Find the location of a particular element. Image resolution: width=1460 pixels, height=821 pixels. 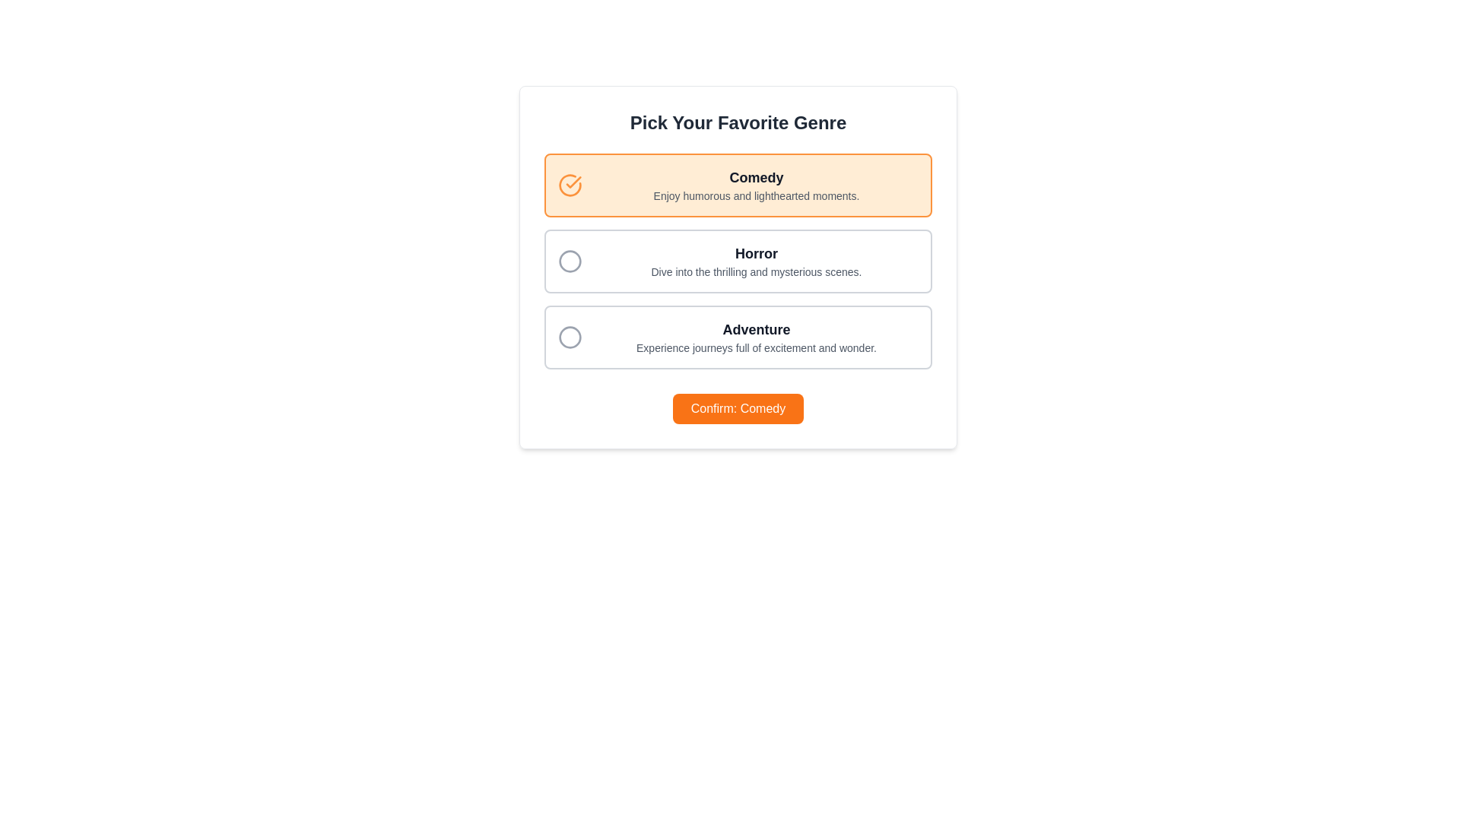

around the 'Horror' text label is located at coordinates (756, 260).